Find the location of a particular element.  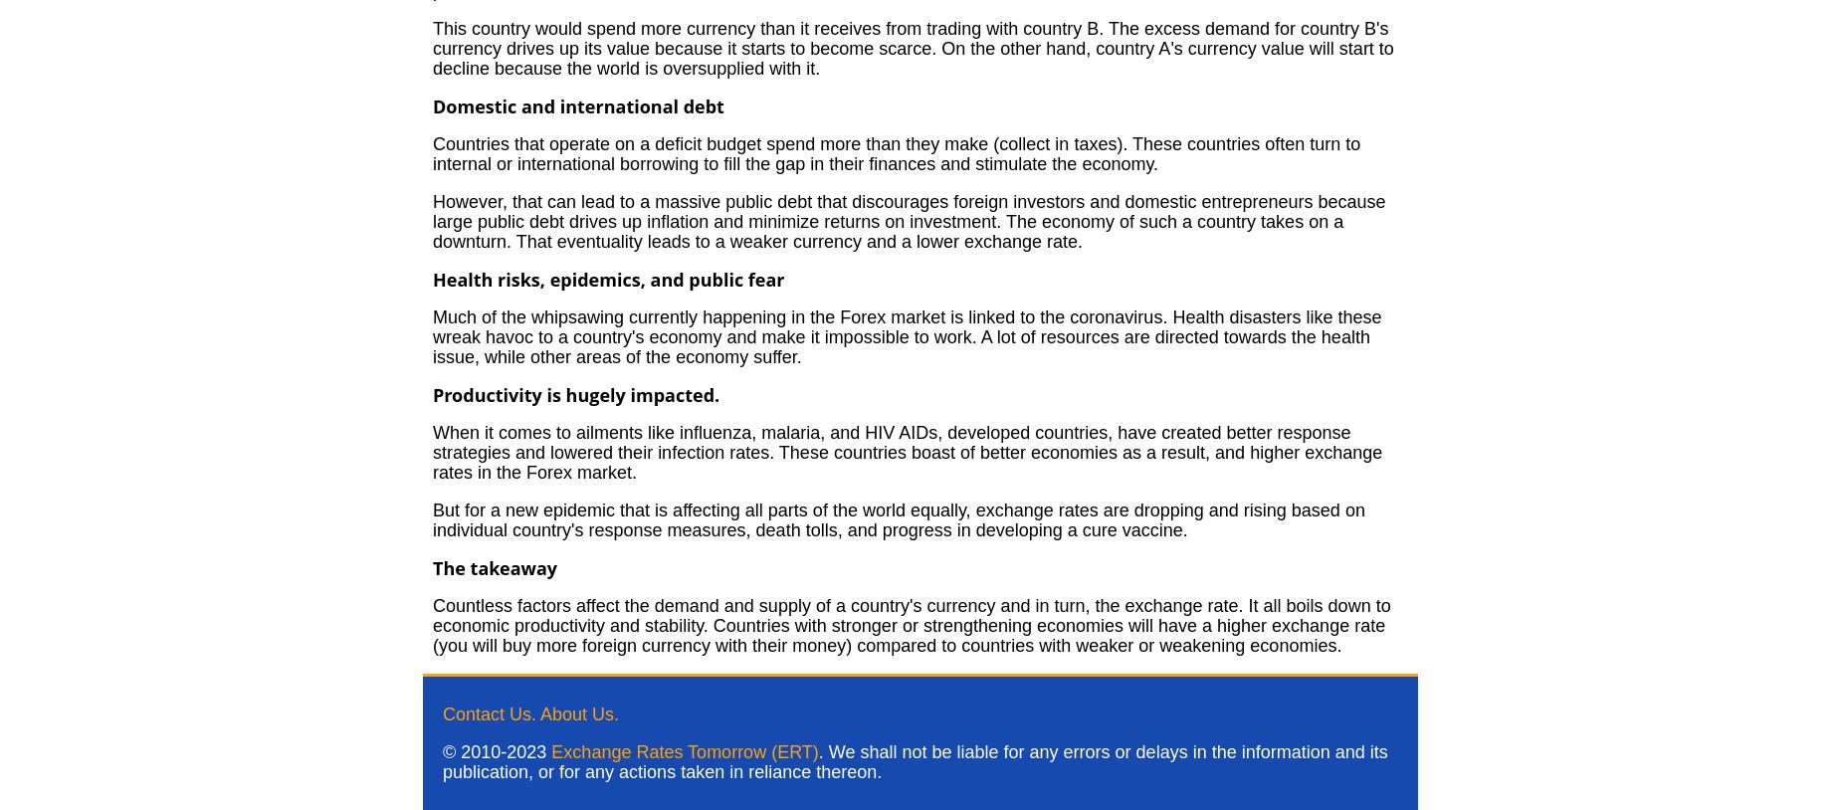

'Productivity is hugely impacted.' is located at coordinates (431, 394).